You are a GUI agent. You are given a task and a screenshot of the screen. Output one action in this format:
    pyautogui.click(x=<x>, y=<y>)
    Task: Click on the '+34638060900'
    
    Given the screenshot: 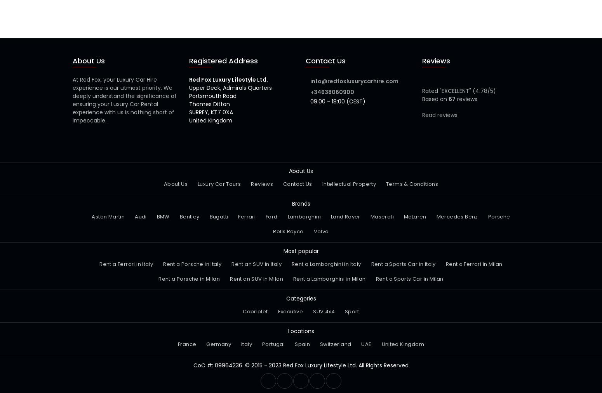 What is the action you would take?
    pyautogui.click(x=332, y=92)
    